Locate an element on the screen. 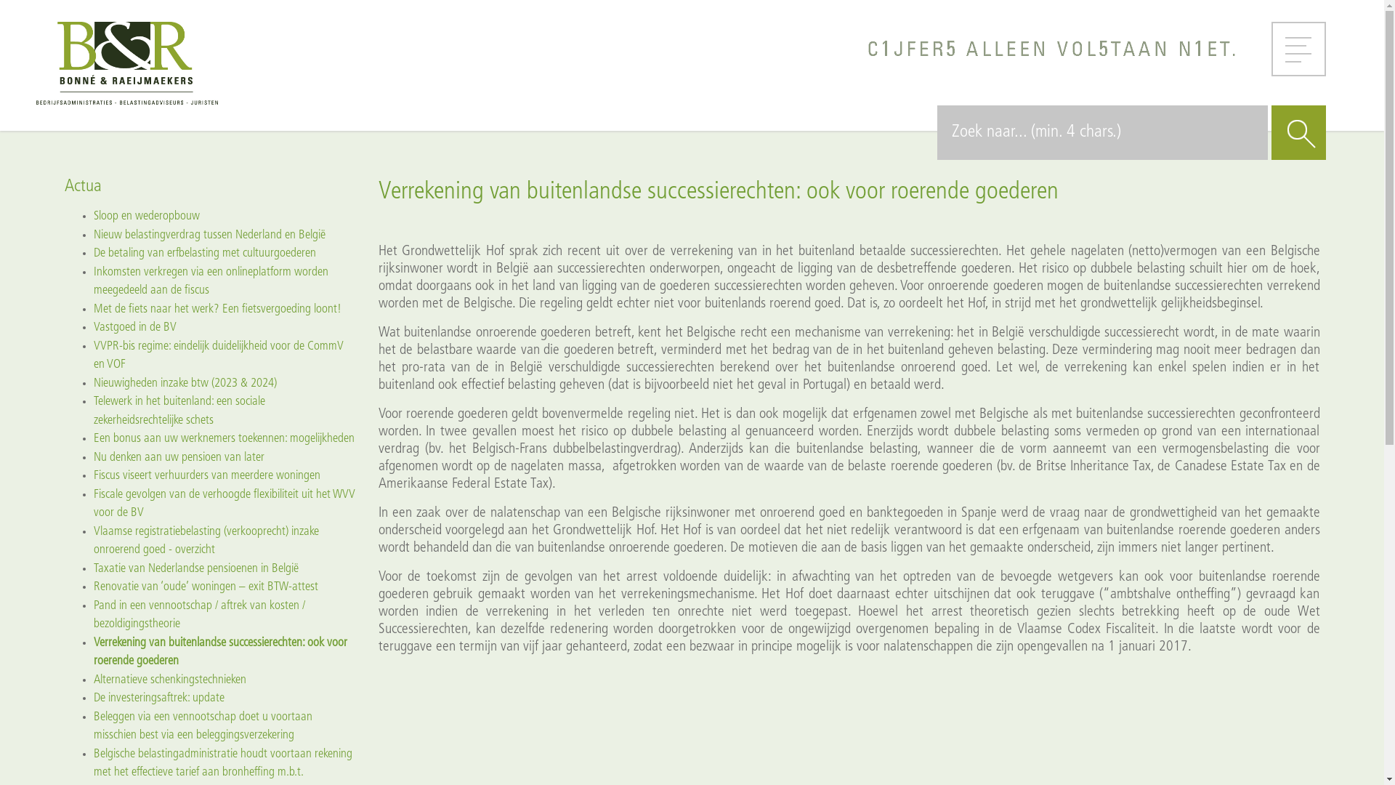 This screenshot has width=1395, height=785. 'Alternatieve schenkingstechnieken' is located at coordinates (169, 679).